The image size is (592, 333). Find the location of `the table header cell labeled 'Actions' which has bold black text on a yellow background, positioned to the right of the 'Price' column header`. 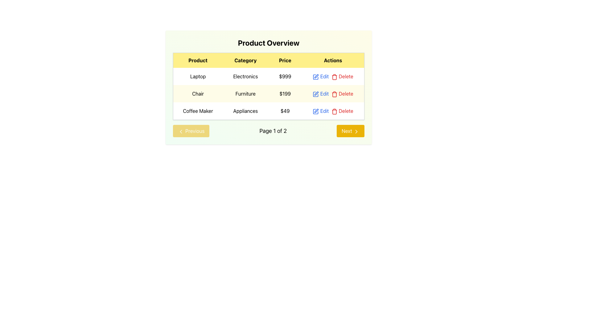

the table header cell labeled 'Actions' which has bold black text on a yellow background, positioned to the right of the 'Price' column header is located at coordinates (333, 60).